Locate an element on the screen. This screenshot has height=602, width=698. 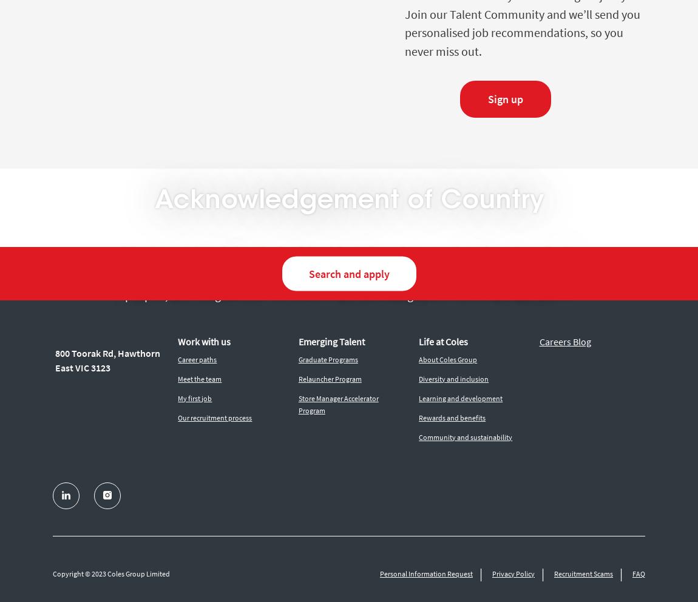
'Diversity and inclusion' is located at coordinates (453, 378).